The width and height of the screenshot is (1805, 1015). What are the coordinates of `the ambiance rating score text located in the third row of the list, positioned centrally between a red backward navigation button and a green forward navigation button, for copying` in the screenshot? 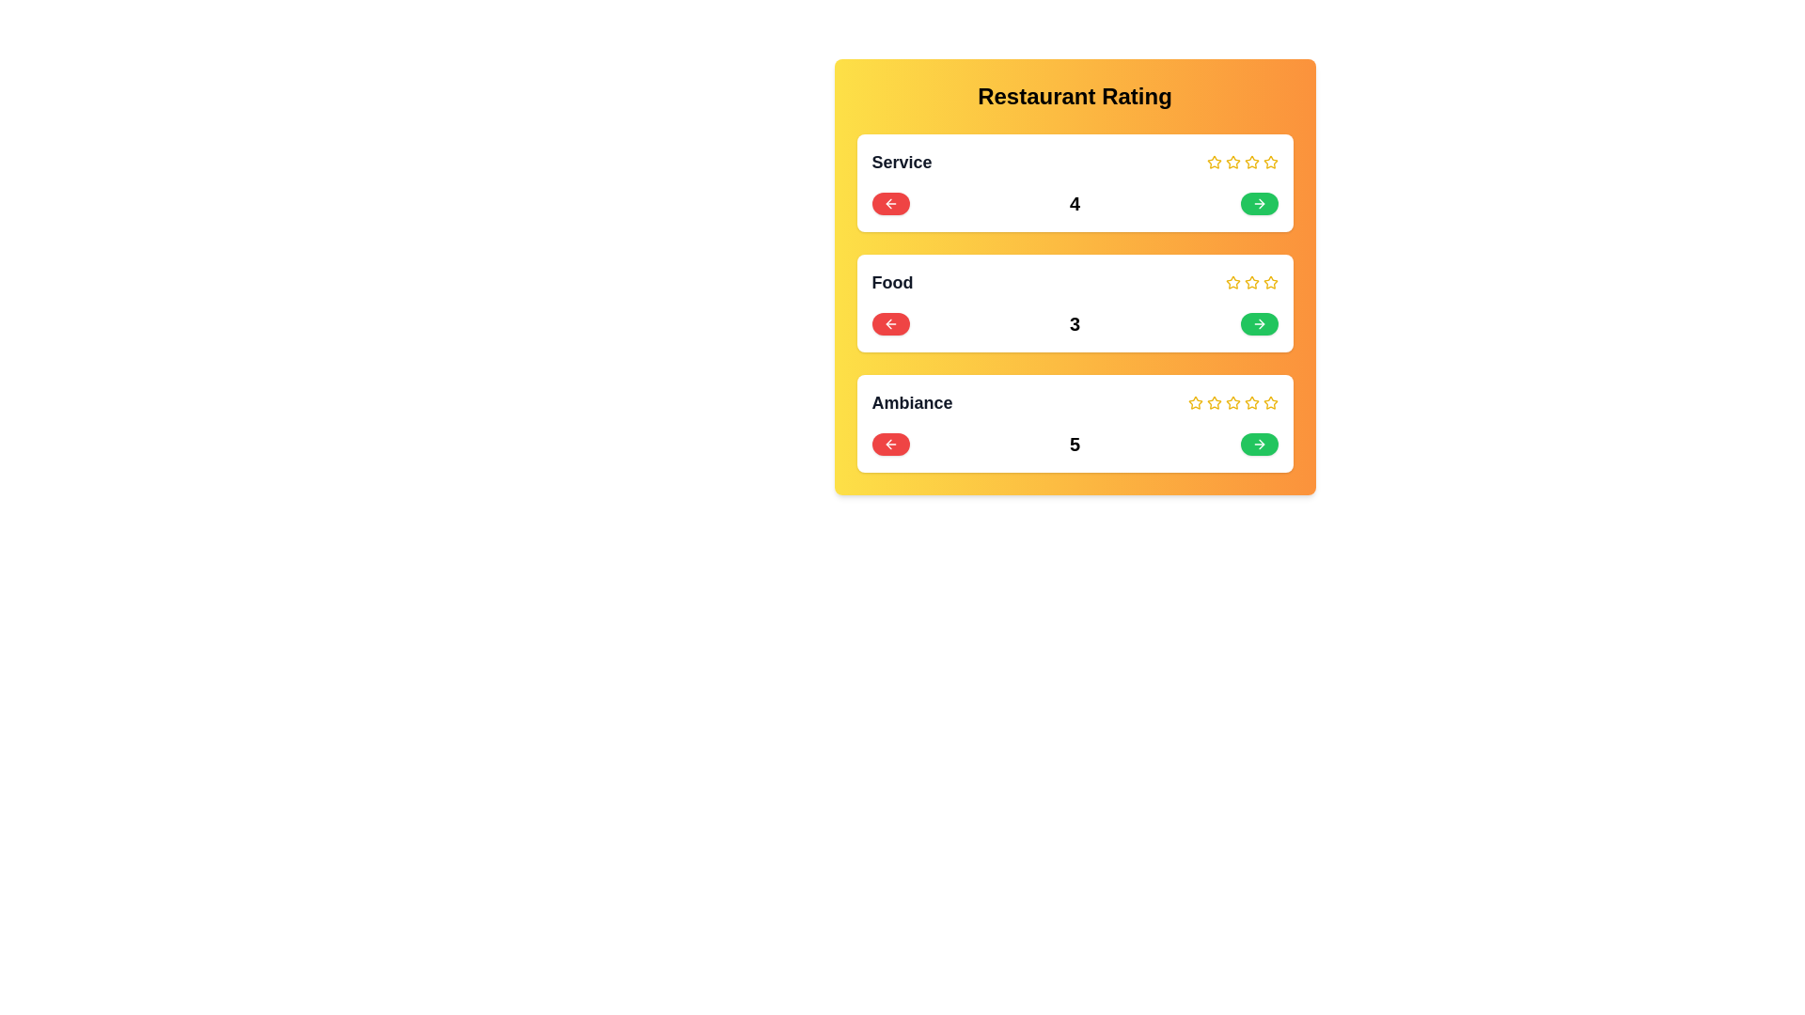 It's located at (1075, 445).